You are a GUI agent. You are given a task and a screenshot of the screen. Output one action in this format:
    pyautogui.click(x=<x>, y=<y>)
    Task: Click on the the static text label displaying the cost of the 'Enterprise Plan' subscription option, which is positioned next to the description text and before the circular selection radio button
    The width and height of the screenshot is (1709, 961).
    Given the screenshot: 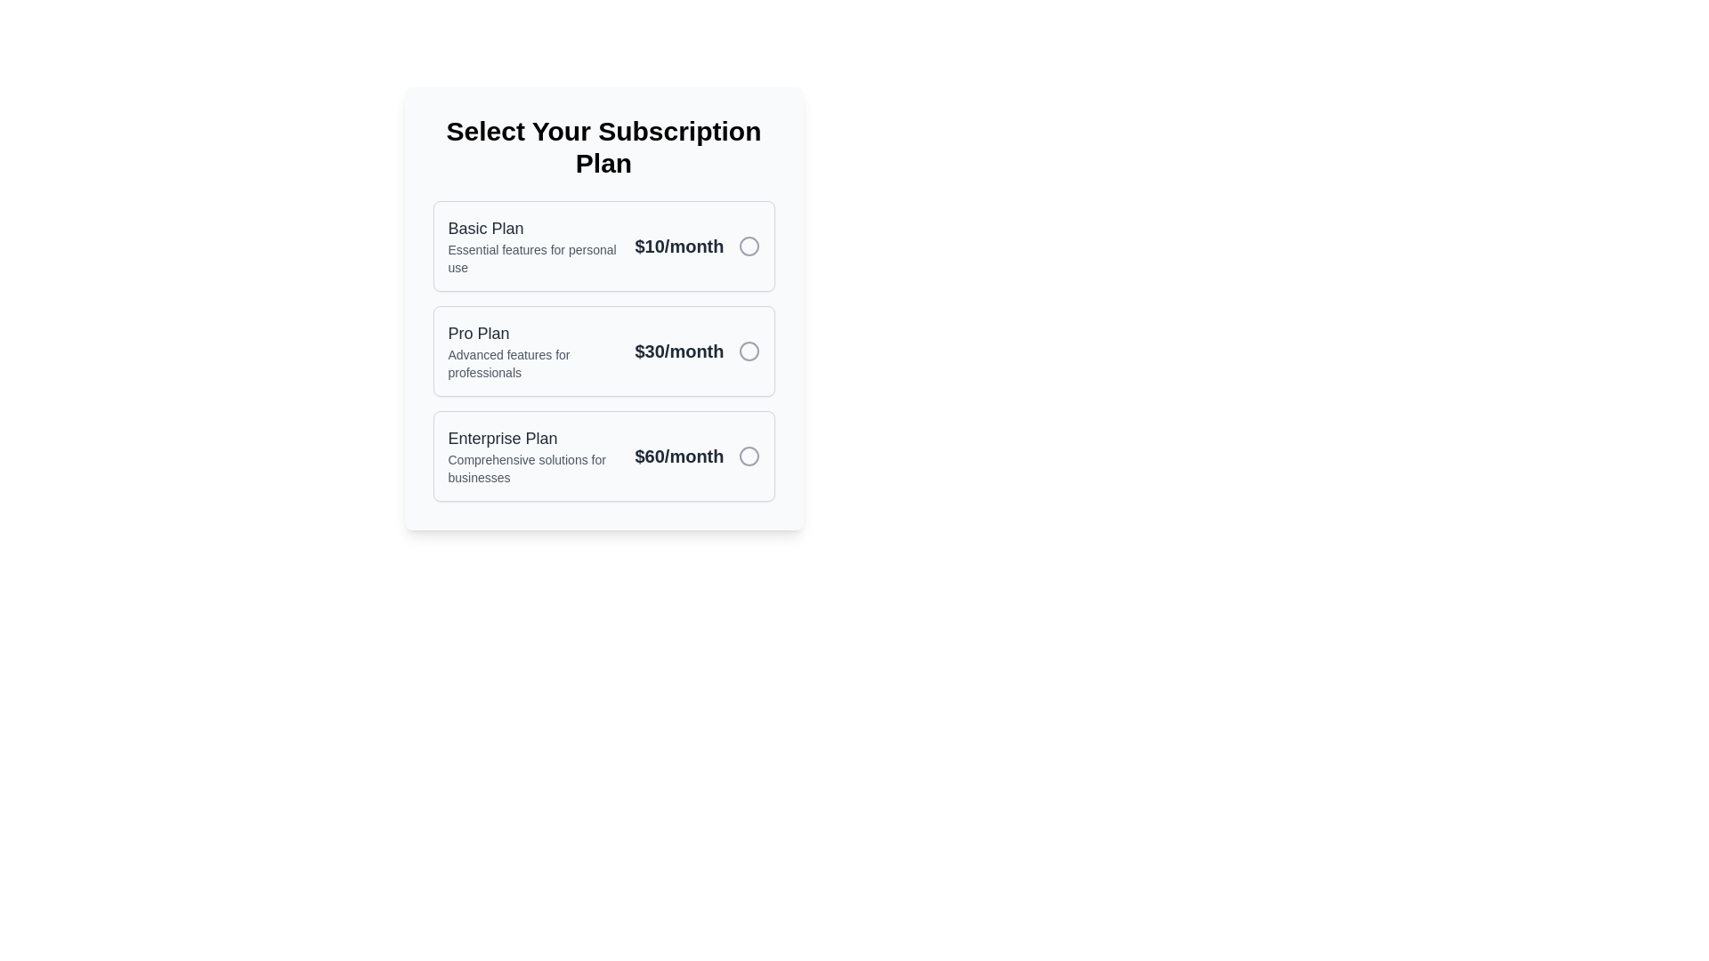 What is the action you would take?
    pyautogui.click(x=678, y=456)
    